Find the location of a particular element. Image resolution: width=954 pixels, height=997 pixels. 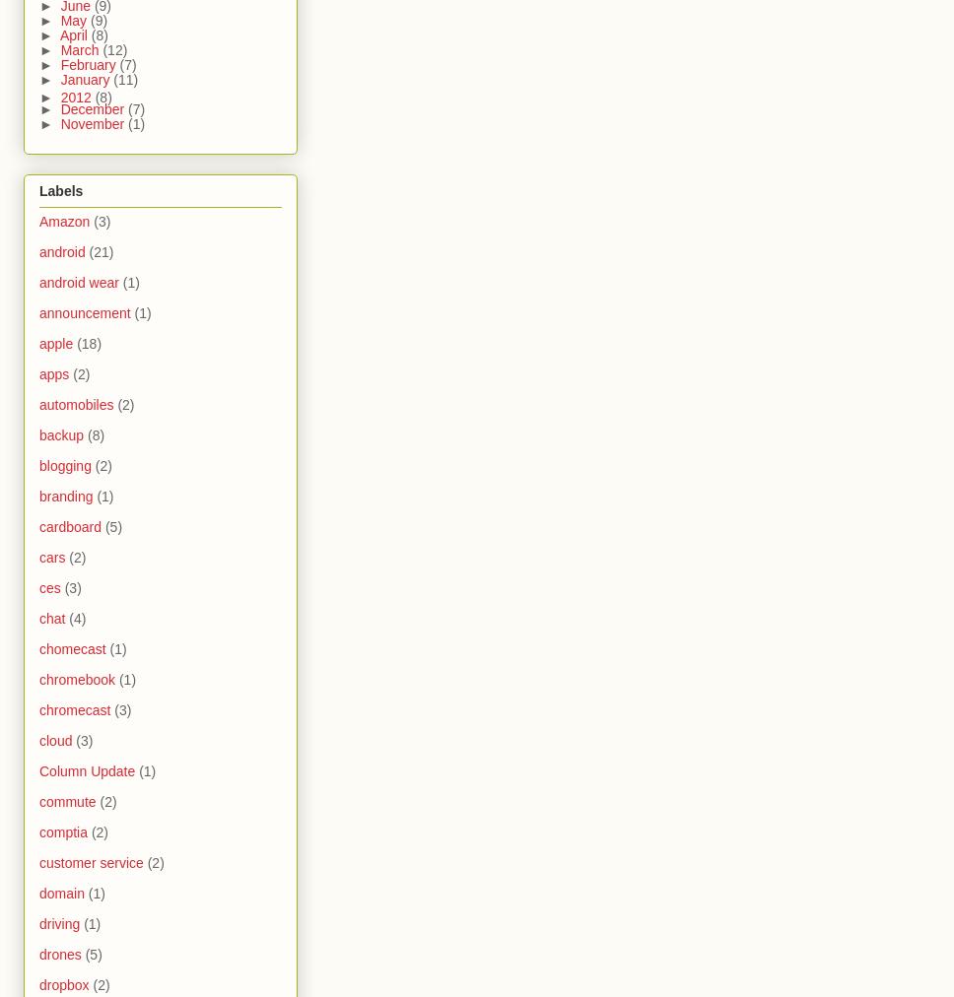

'drones' is located at coordinates (58, 954).